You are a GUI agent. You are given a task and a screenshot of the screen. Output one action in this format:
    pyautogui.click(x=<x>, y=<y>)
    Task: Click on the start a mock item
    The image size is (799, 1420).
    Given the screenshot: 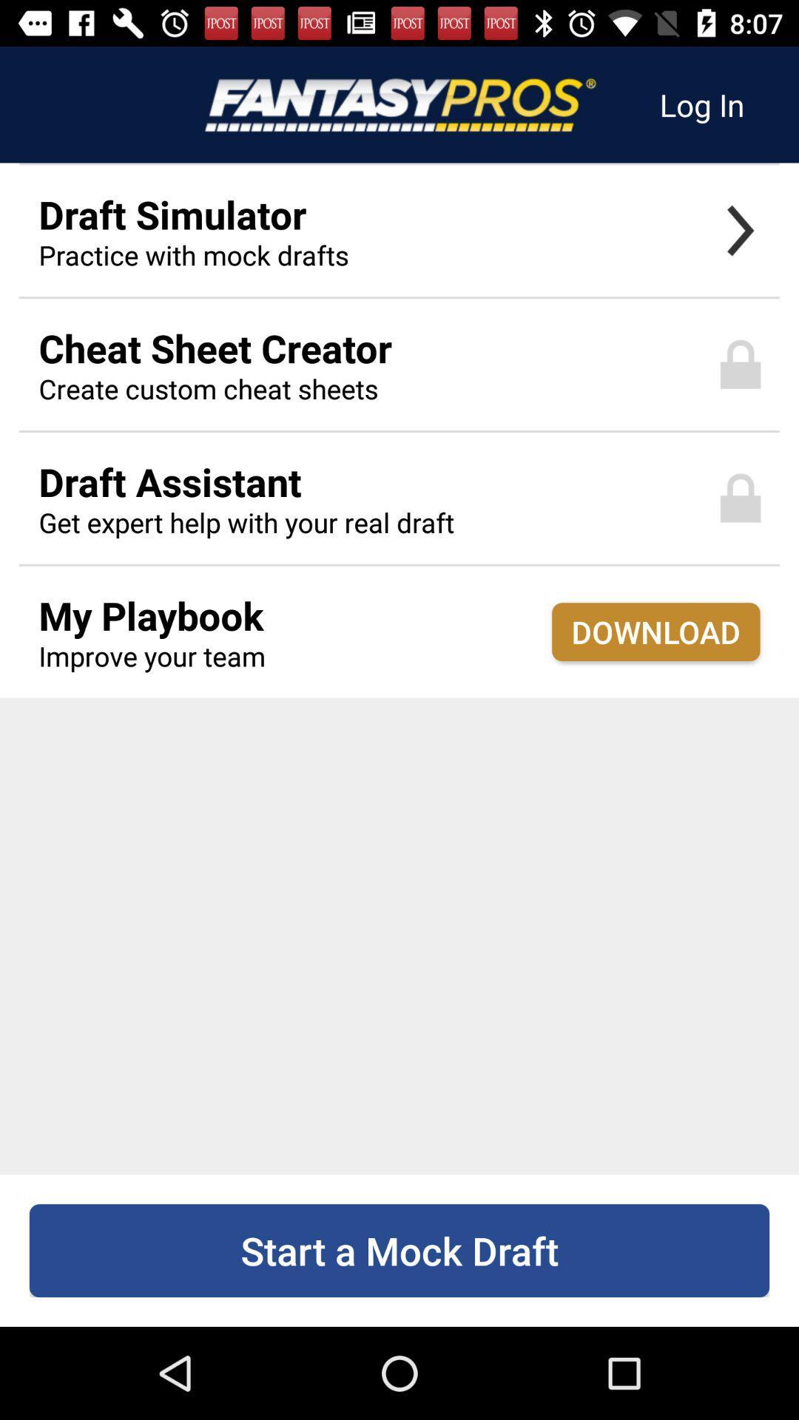 What is the action you would take?
    pyautogui.click(x=399, y=1250)
    